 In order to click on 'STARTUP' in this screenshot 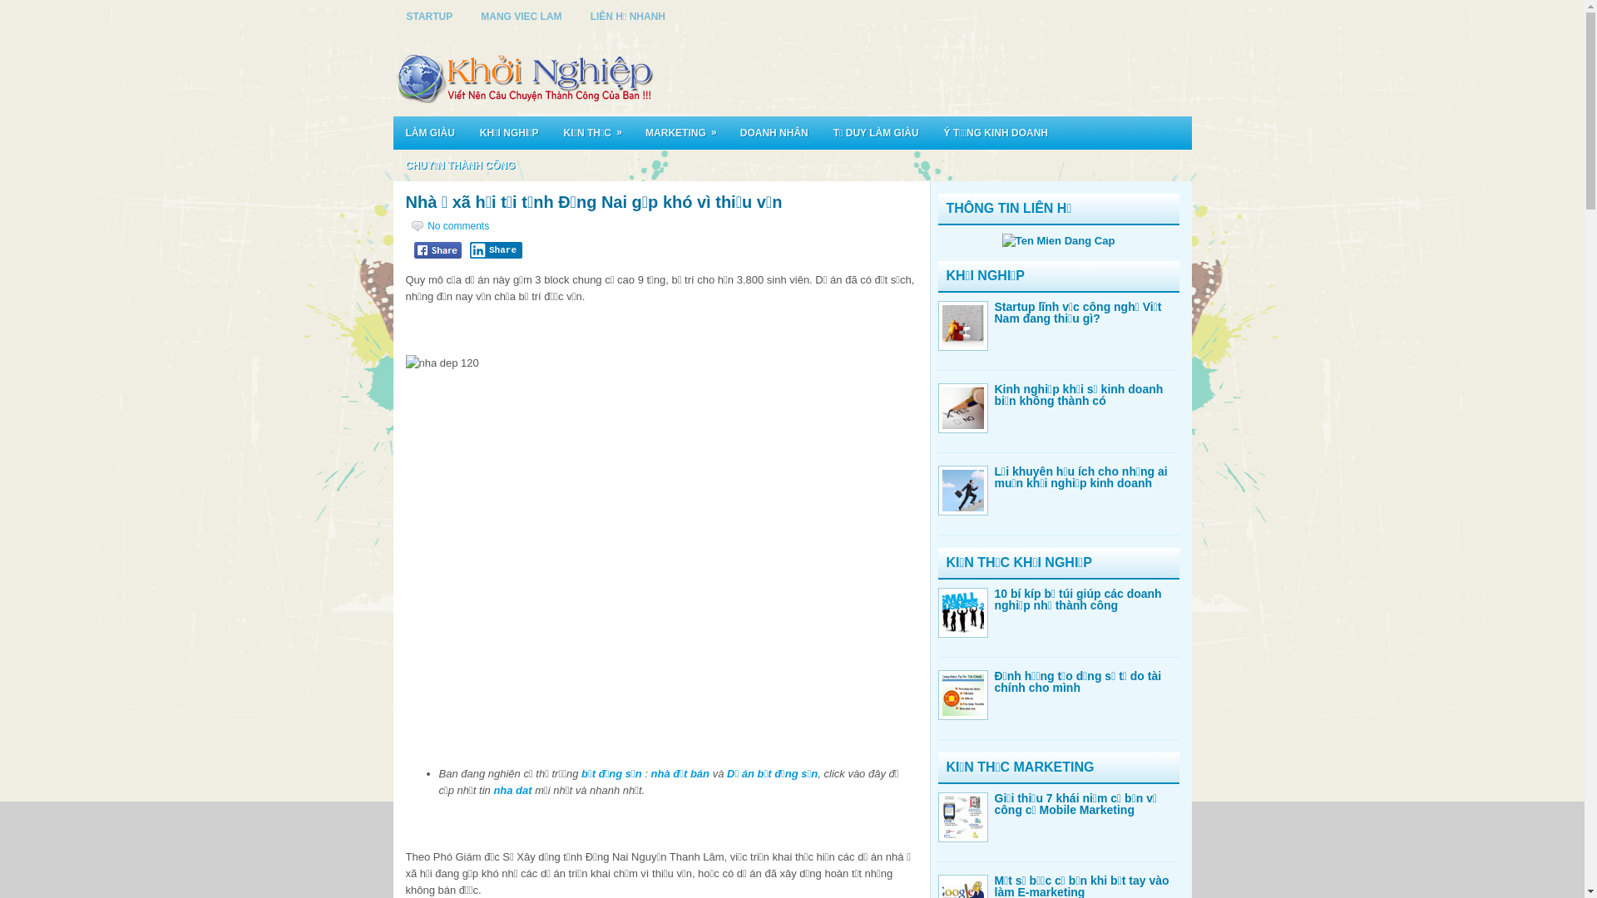, I will do `click(430, 16)`.